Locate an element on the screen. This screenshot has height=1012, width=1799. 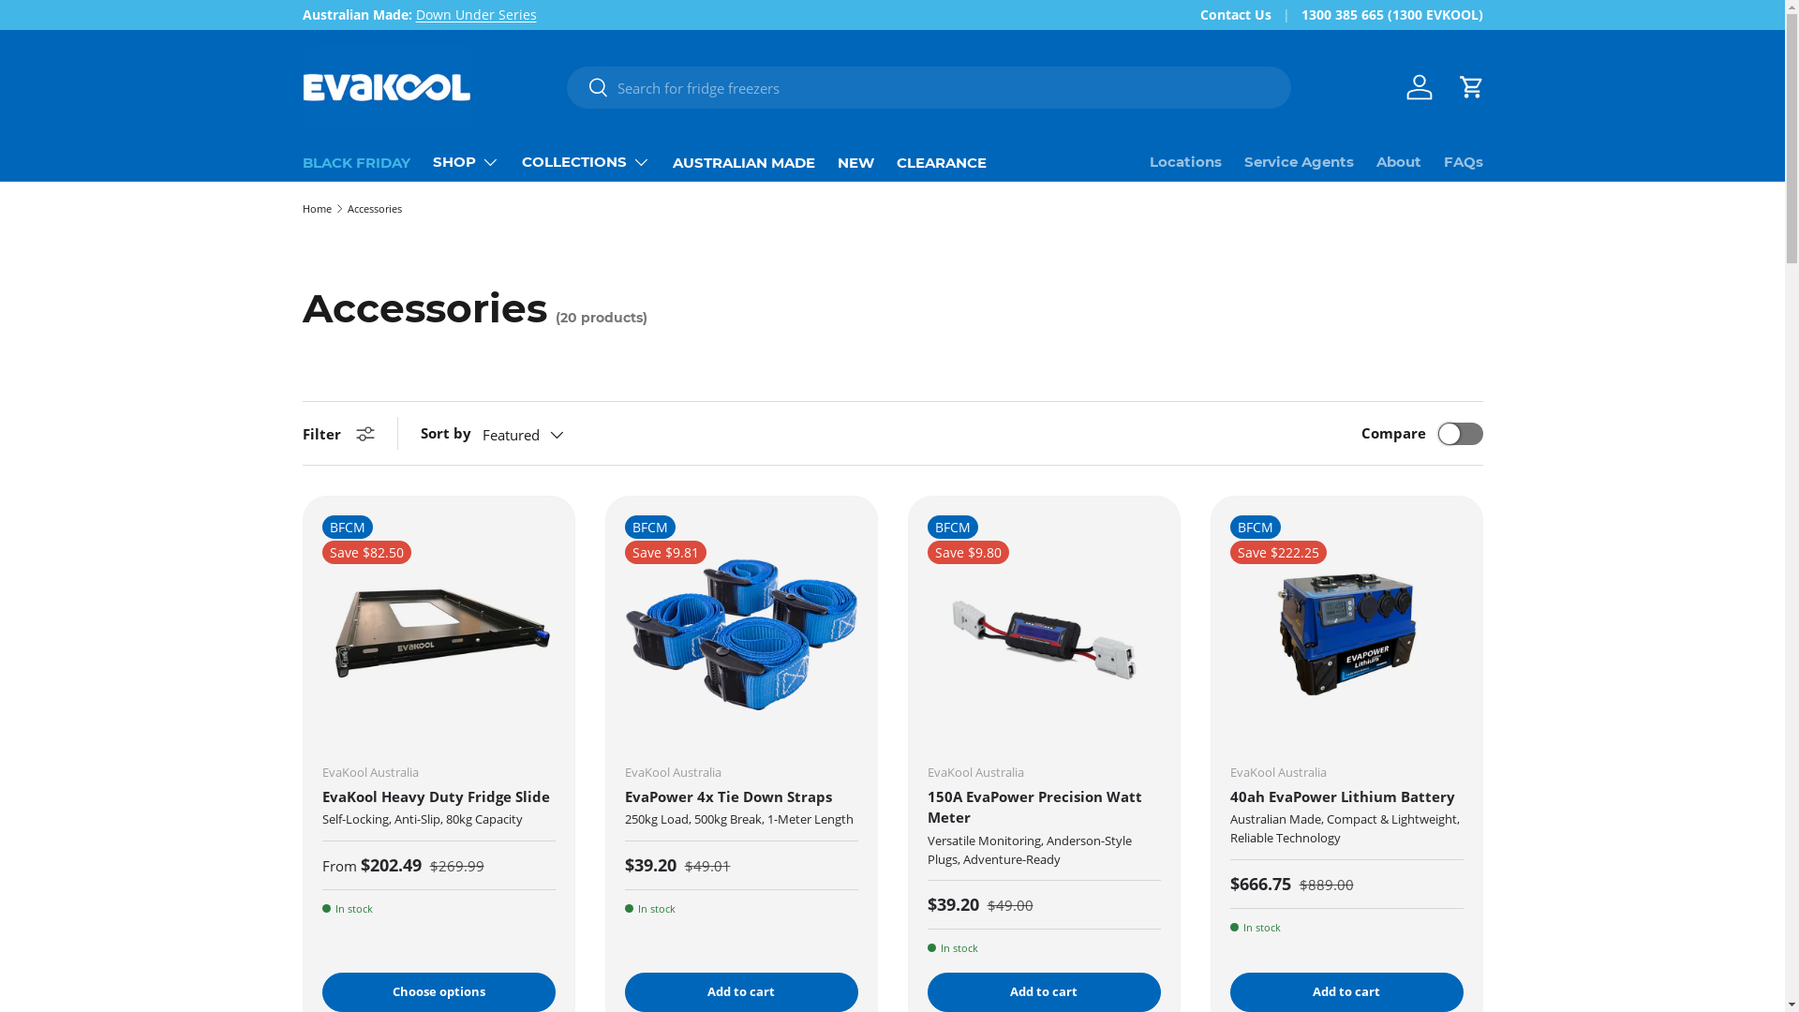
'Log in' is located at coordinates (1418, 86).